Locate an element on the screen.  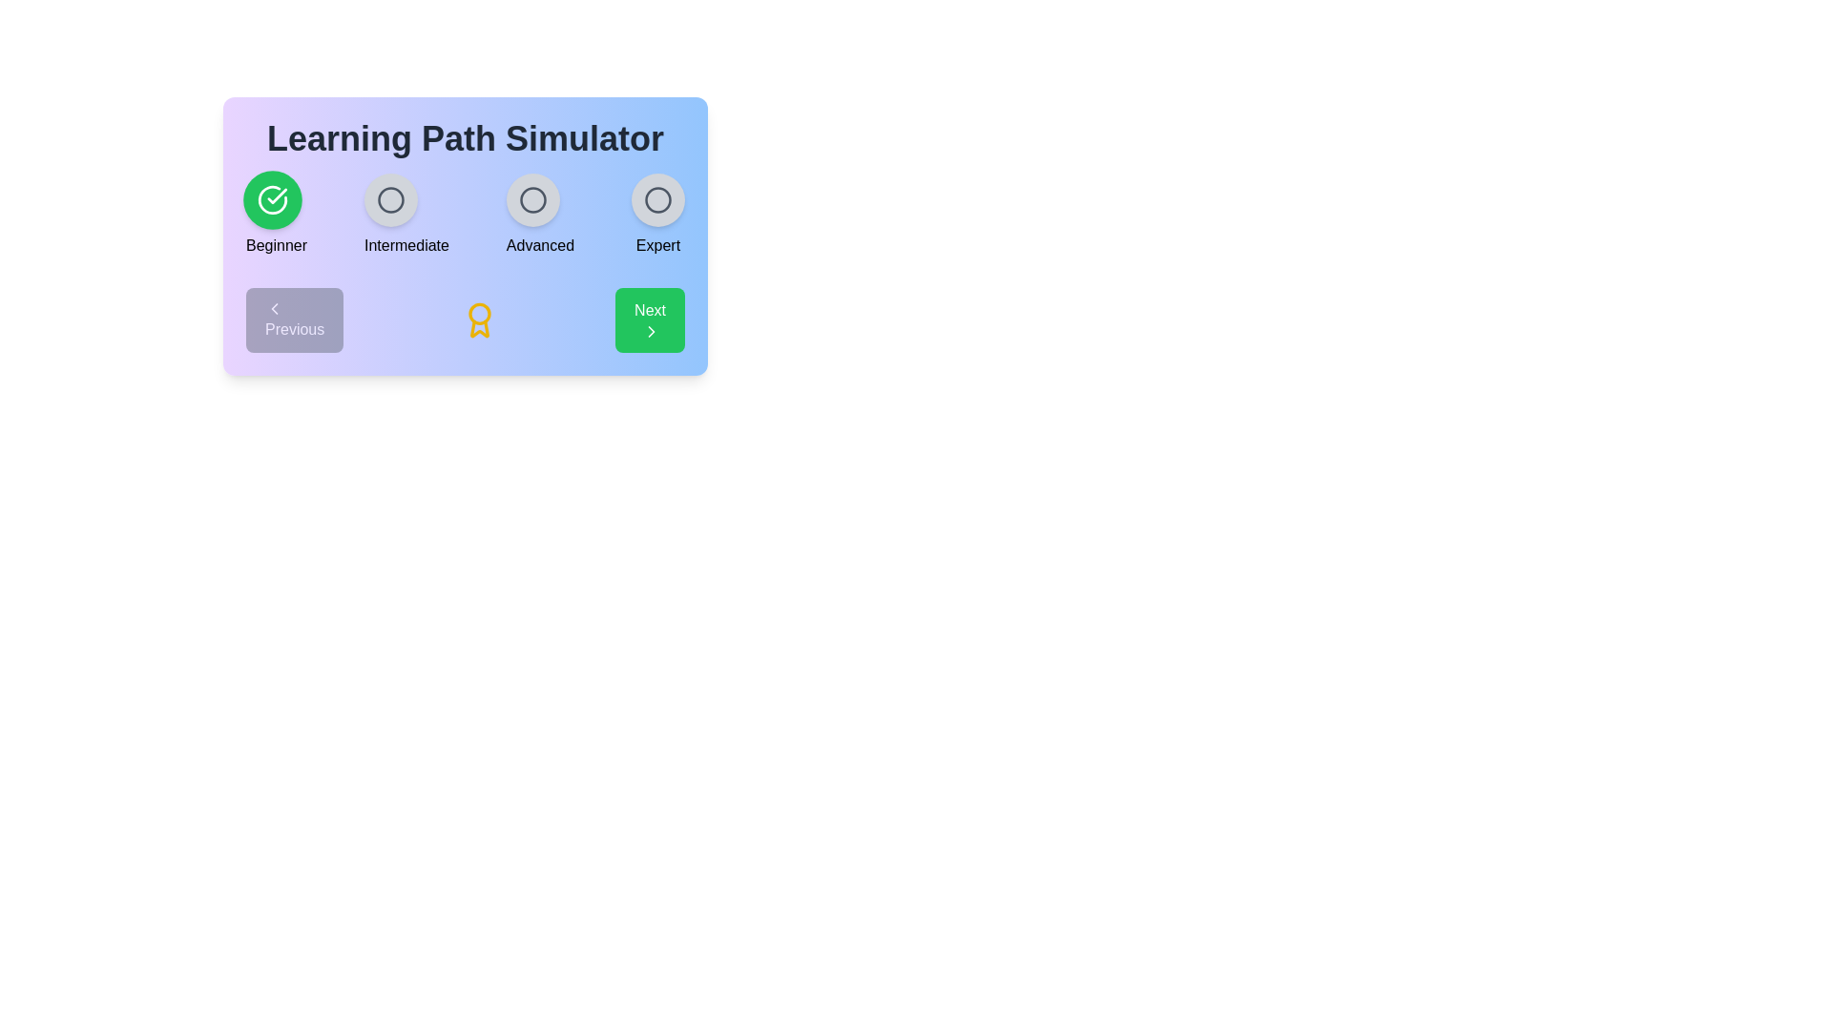
the circular status icon labeled 'Beginner' with a green background and white checkmark is located at coordinates (276, 215).